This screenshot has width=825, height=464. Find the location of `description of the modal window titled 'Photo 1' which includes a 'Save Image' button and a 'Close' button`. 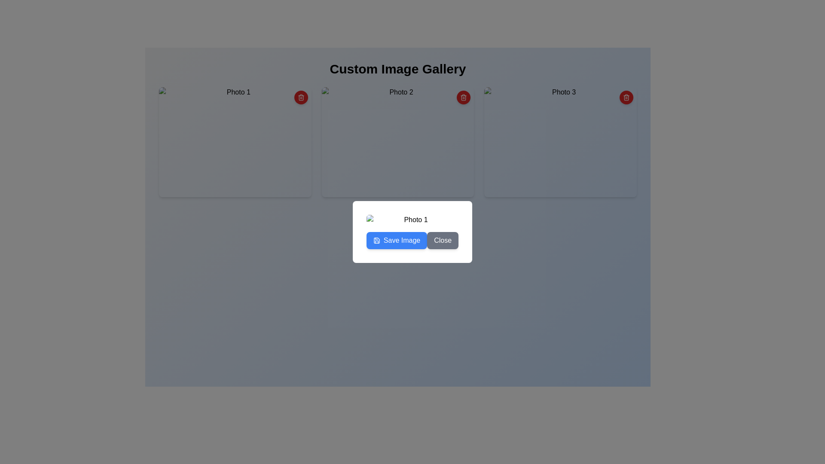

description of the modal window titled 'Photo 1' which includes a 'Save Image' button and a 'Close' button is located at coordinates (412, 232).